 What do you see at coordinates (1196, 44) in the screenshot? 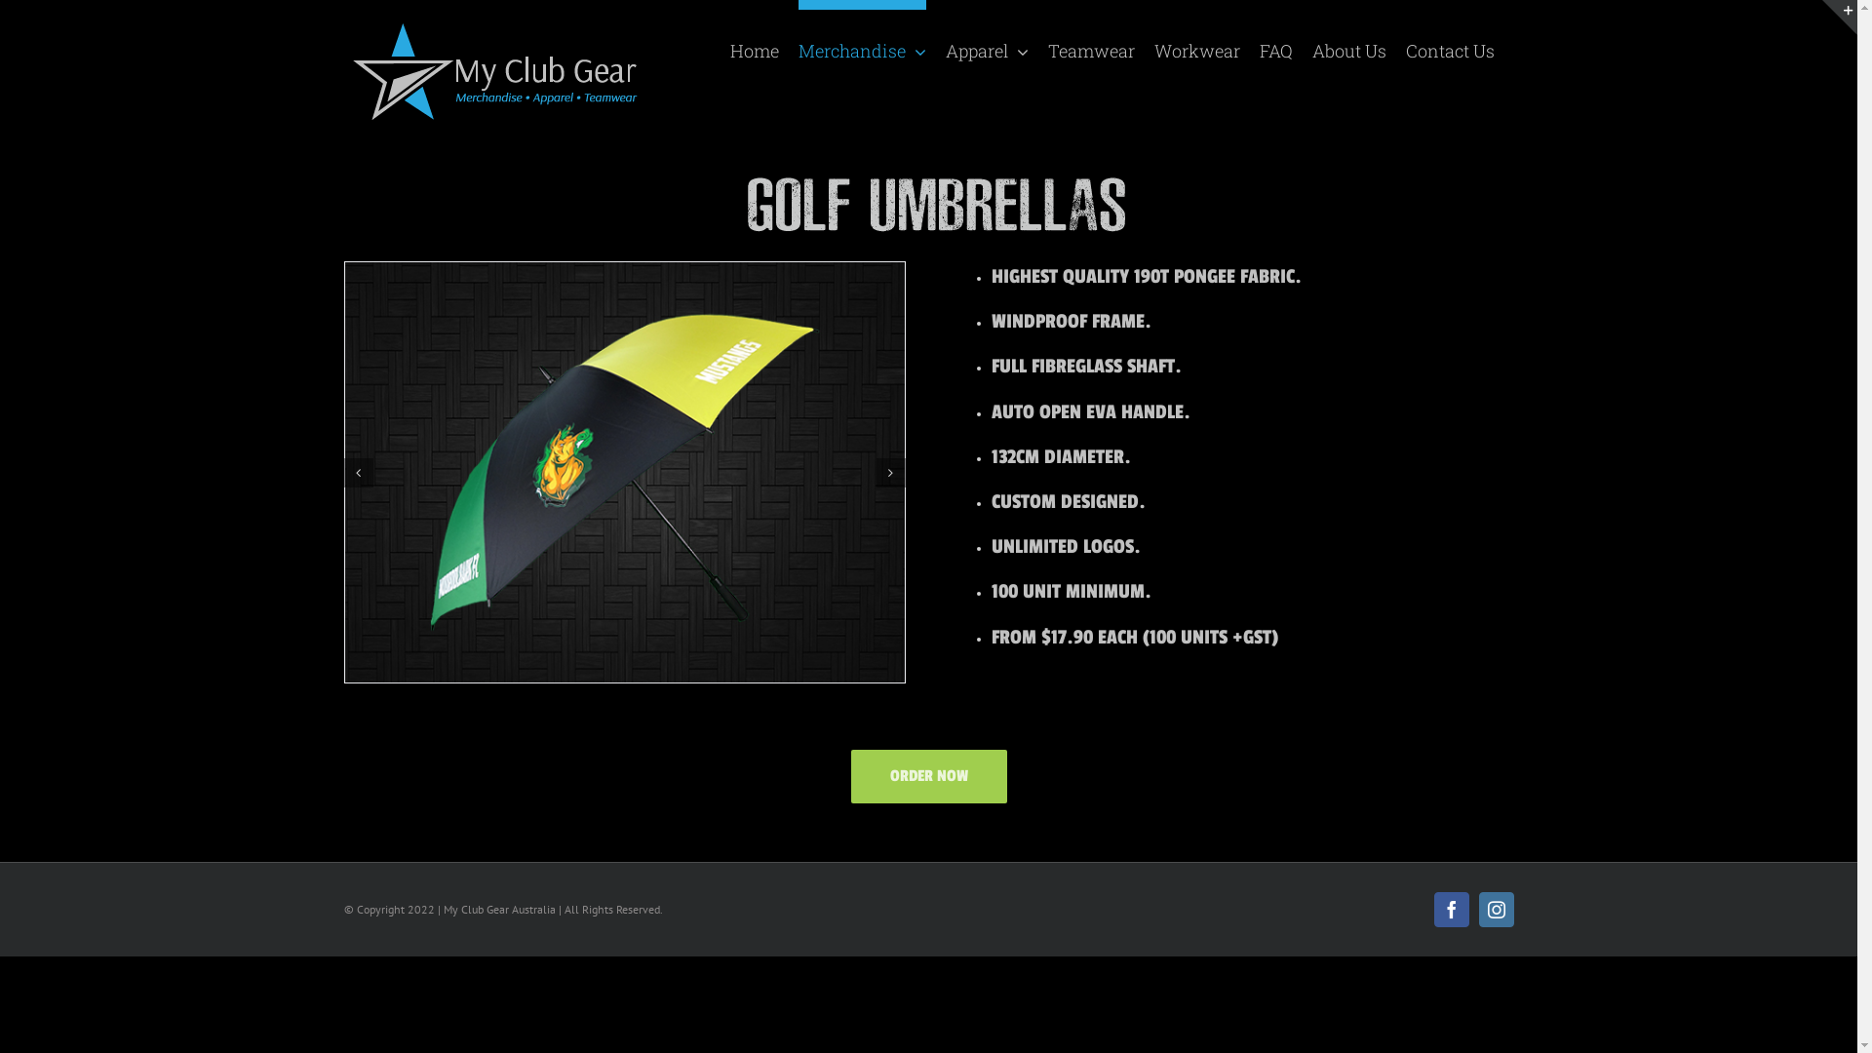
I see `'Workwear'` at bounding box center [1196, 44].